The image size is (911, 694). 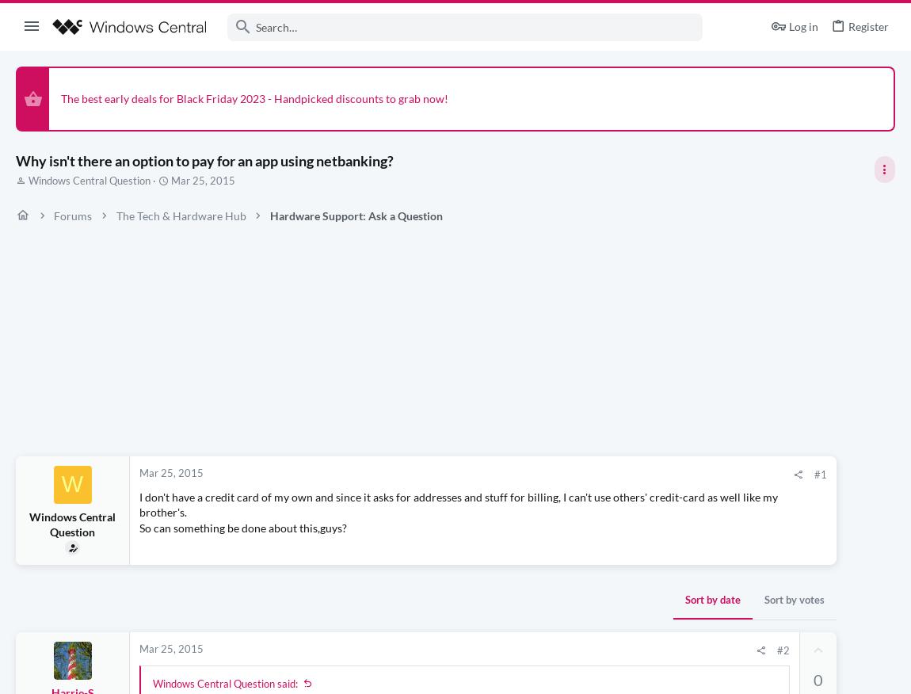 I want to click on 'Sort by date', so click(x=490, y=600).